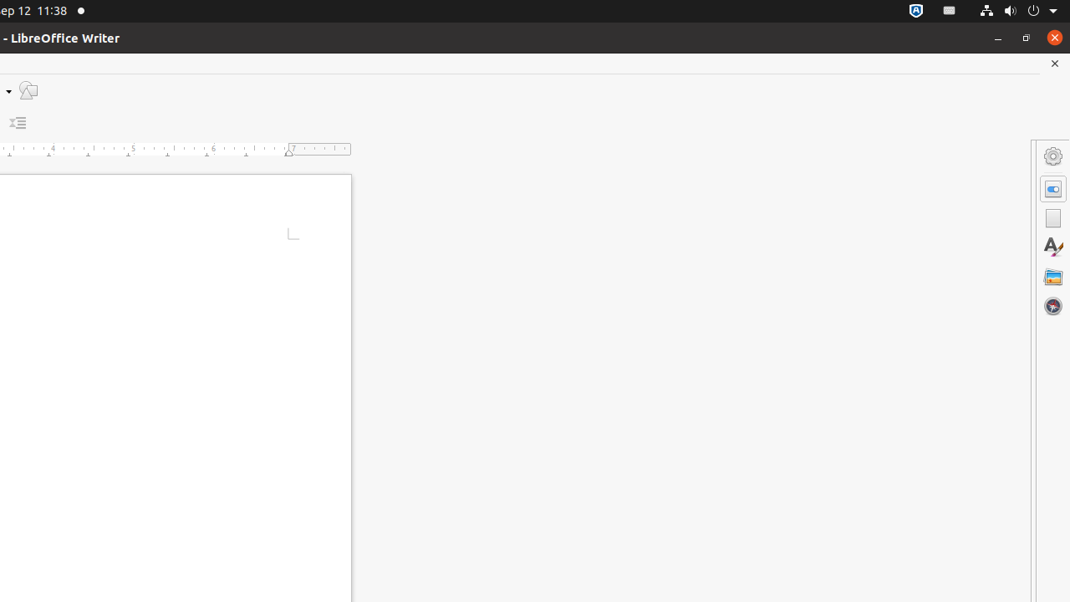 The height and width of the screenshot is (602, 1070). Describe the element at coordinates (1052, 217) in the screenshot. I see `'Page'` at that location.